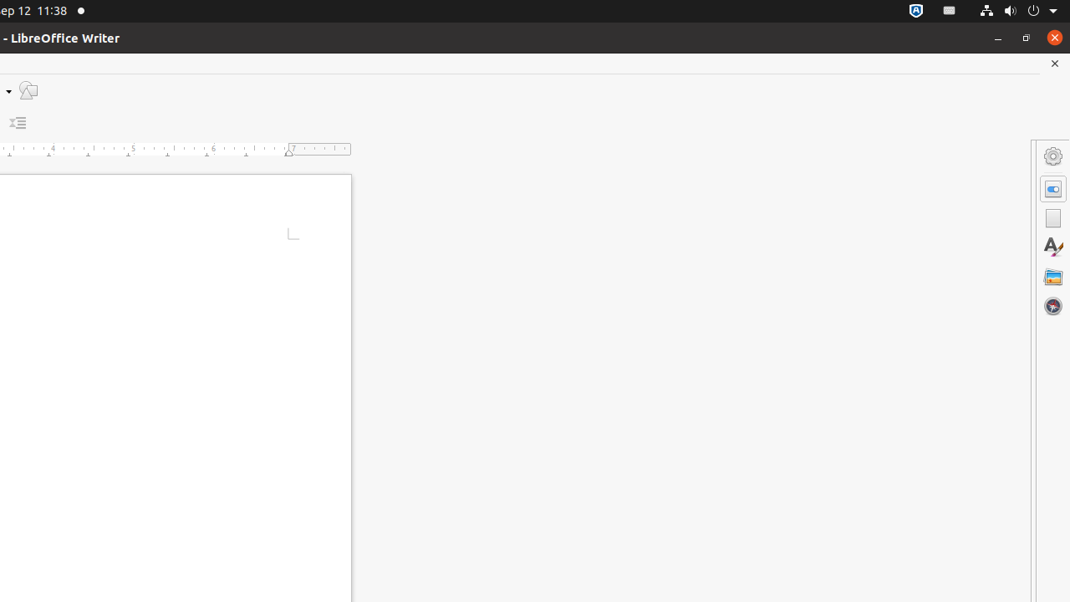 The height and width of the screenshot is (602, 1070). Describe the element at coordinates (1052, 217) in the screenshot. I see `'Page'` at that location.